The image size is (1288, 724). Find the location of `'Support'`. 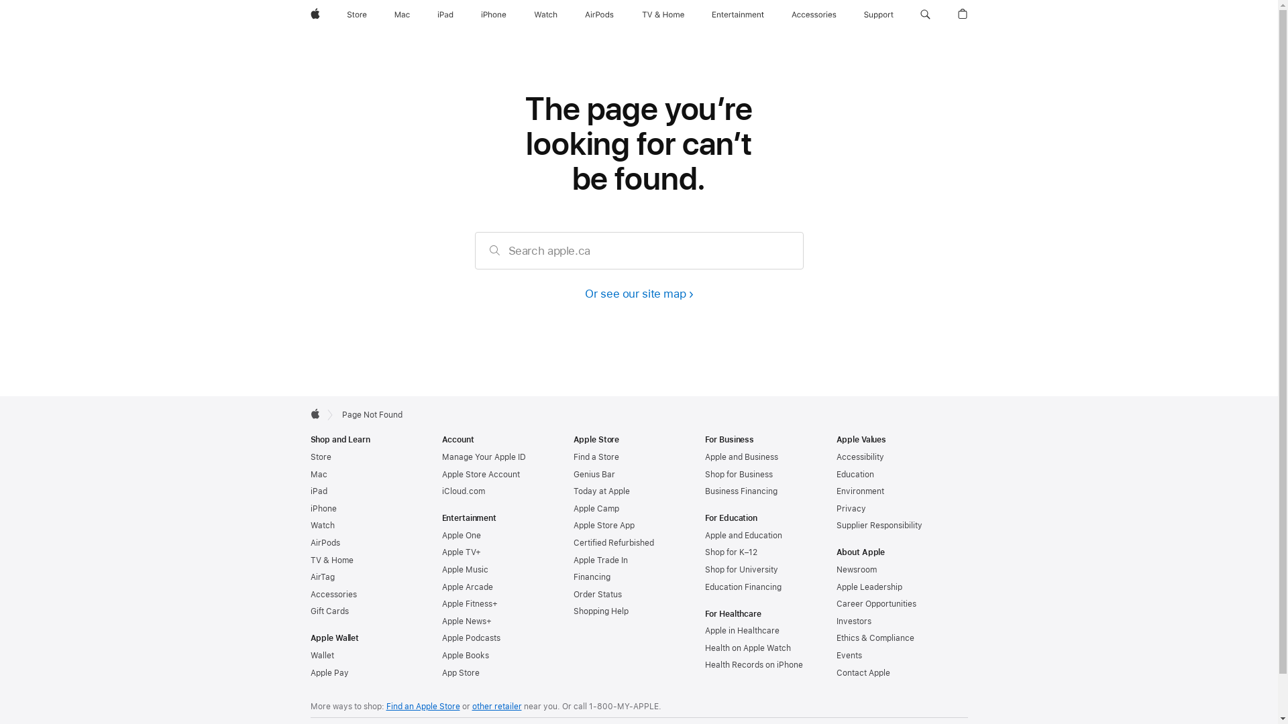

'Support' is located at coordinates (859, 15).